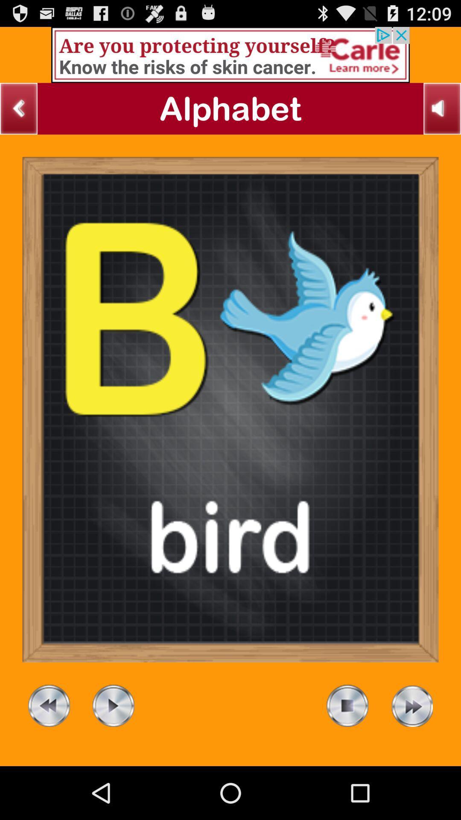  What do you see at coordinates (411, 755) in the screenshot?
I see `the av_forward icon` at bounding box center [411, 755].